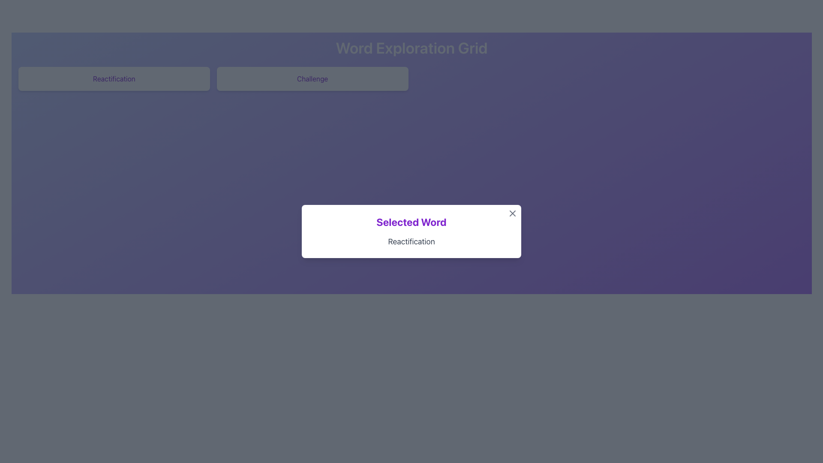  What do you see at coordinates (411, 241) in the screenshot?
I see `the text display element containing the text 'Reactification', which is styled with a large gray font and is centered within a white dialog box below the heading 'Selected Word'` at bounding box center [411, 241].